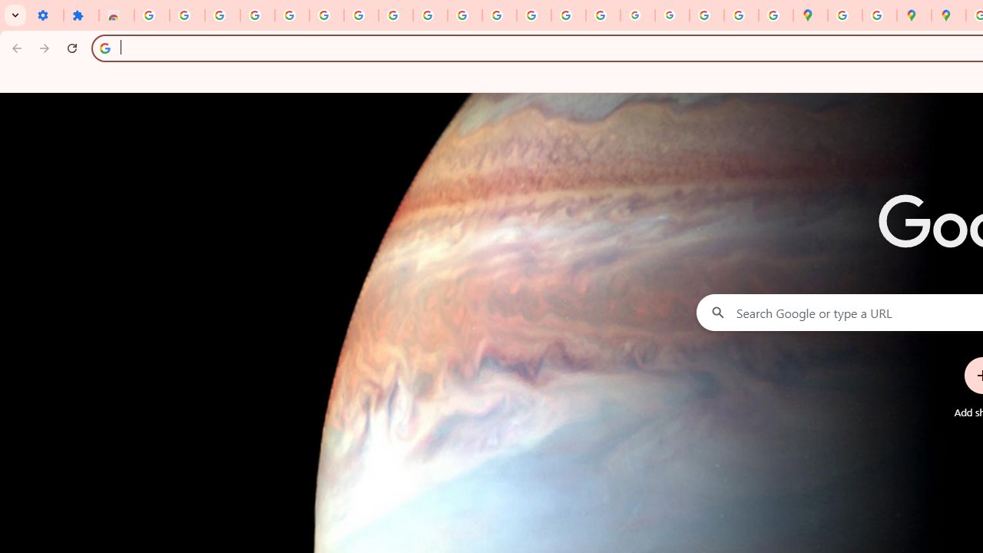 This screenshot has height=553, width=983. I want to click on 'Safety in Our Products - Google Safety Center', so click(879, 15).